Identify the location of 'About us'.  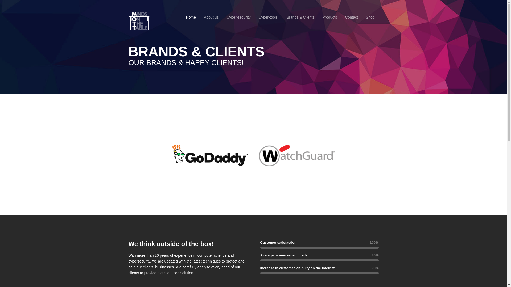
(211, 17).